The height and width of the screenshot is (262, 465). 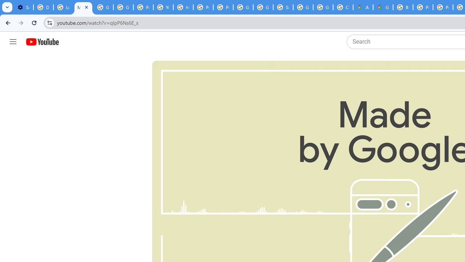 I want to click on 'Privacy Help Center - Policies Help', so click(x=423, y=7).